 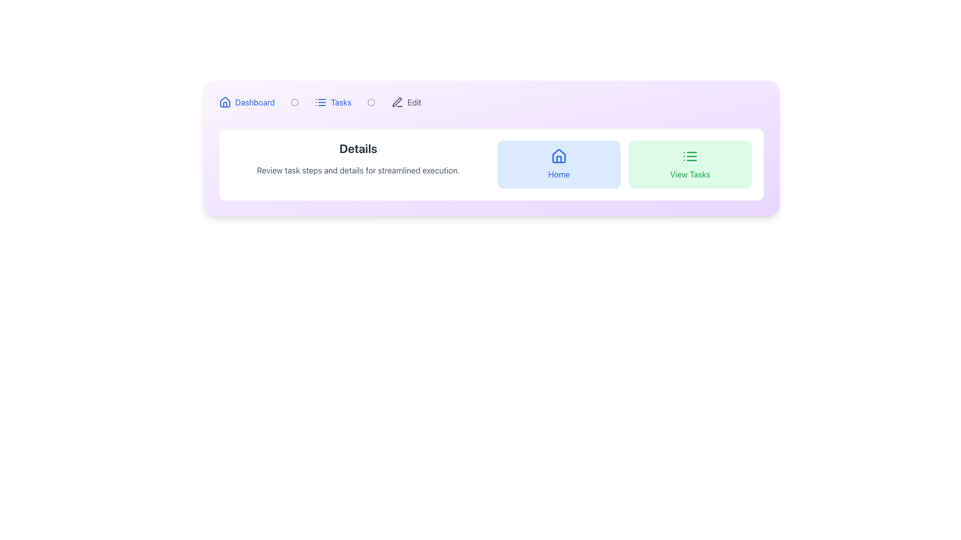 What do you see at coordinates (358, 169) in the screenshot?
I see `the static text element providing information or instructions related to the 'Details' section, located below the 'Details' title` at bounding box center [358, 169].